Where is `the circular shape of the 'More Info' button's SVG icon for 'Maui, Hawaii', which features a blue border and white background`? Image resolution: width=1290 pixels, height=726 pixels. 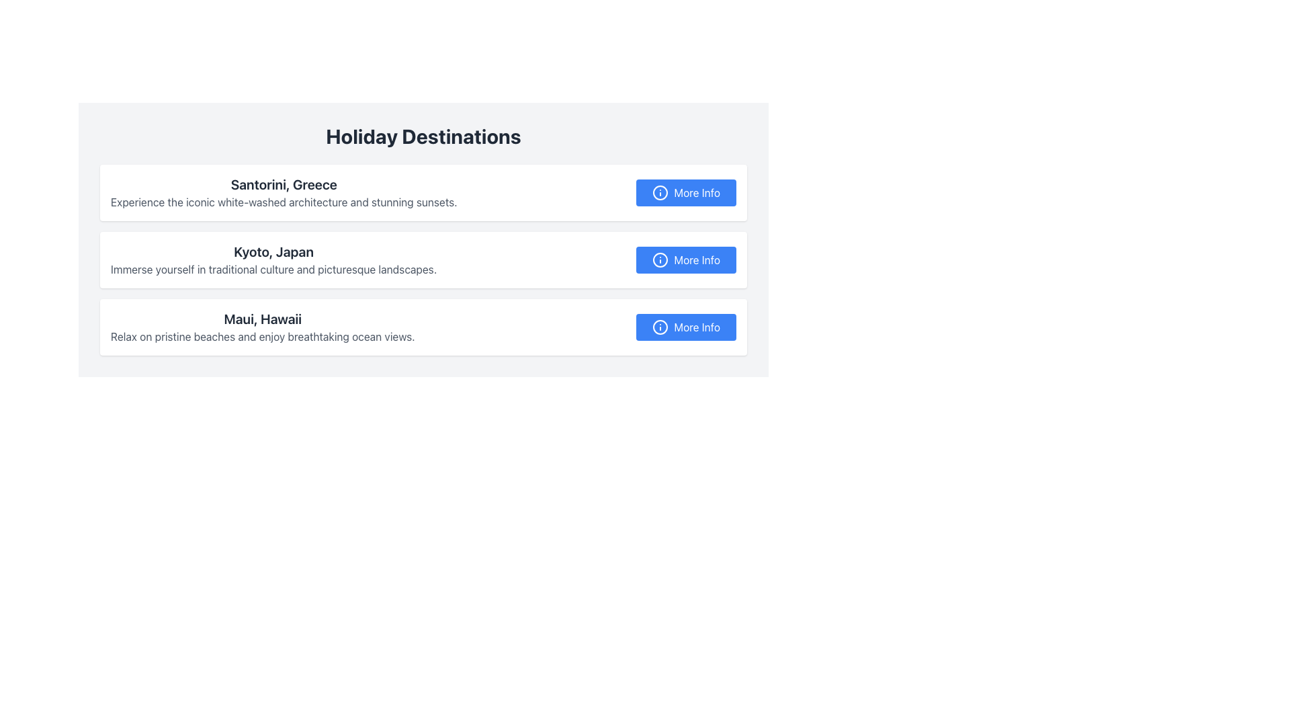 the circular shape of the 'More Info' button's SVG icon for 'Maui, Hawaii', which features a blue border and white background is located at coordinates (660, 327).